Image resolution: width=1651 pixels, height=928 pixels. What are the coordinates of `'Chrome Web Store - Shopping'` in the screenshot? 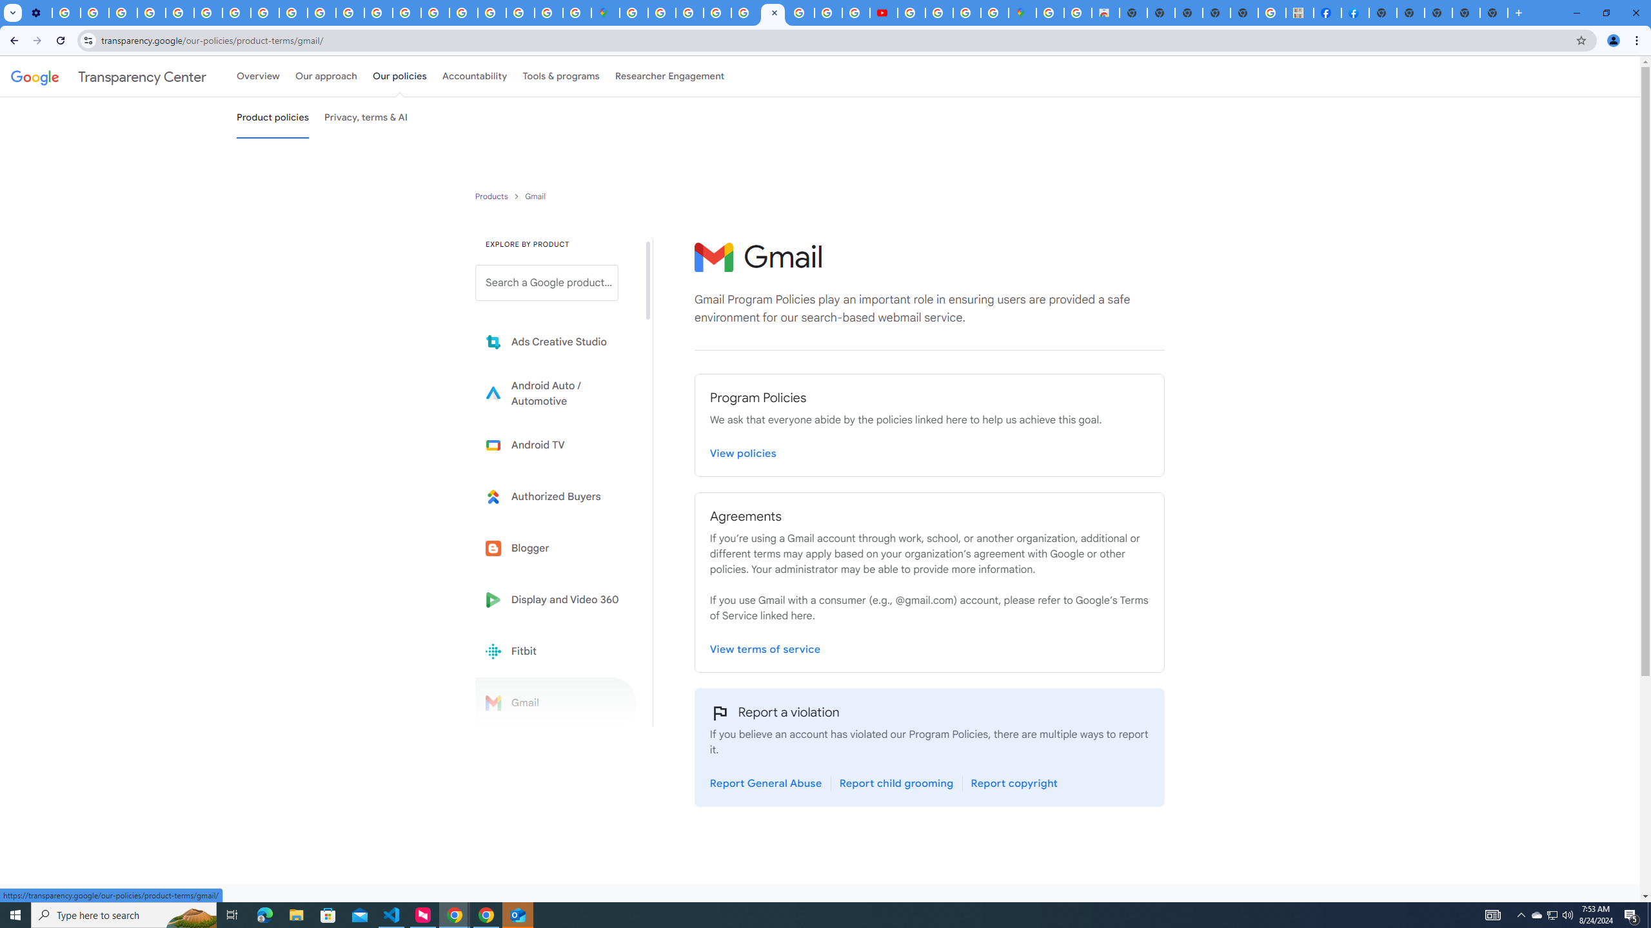 It's located at (1106, 12).